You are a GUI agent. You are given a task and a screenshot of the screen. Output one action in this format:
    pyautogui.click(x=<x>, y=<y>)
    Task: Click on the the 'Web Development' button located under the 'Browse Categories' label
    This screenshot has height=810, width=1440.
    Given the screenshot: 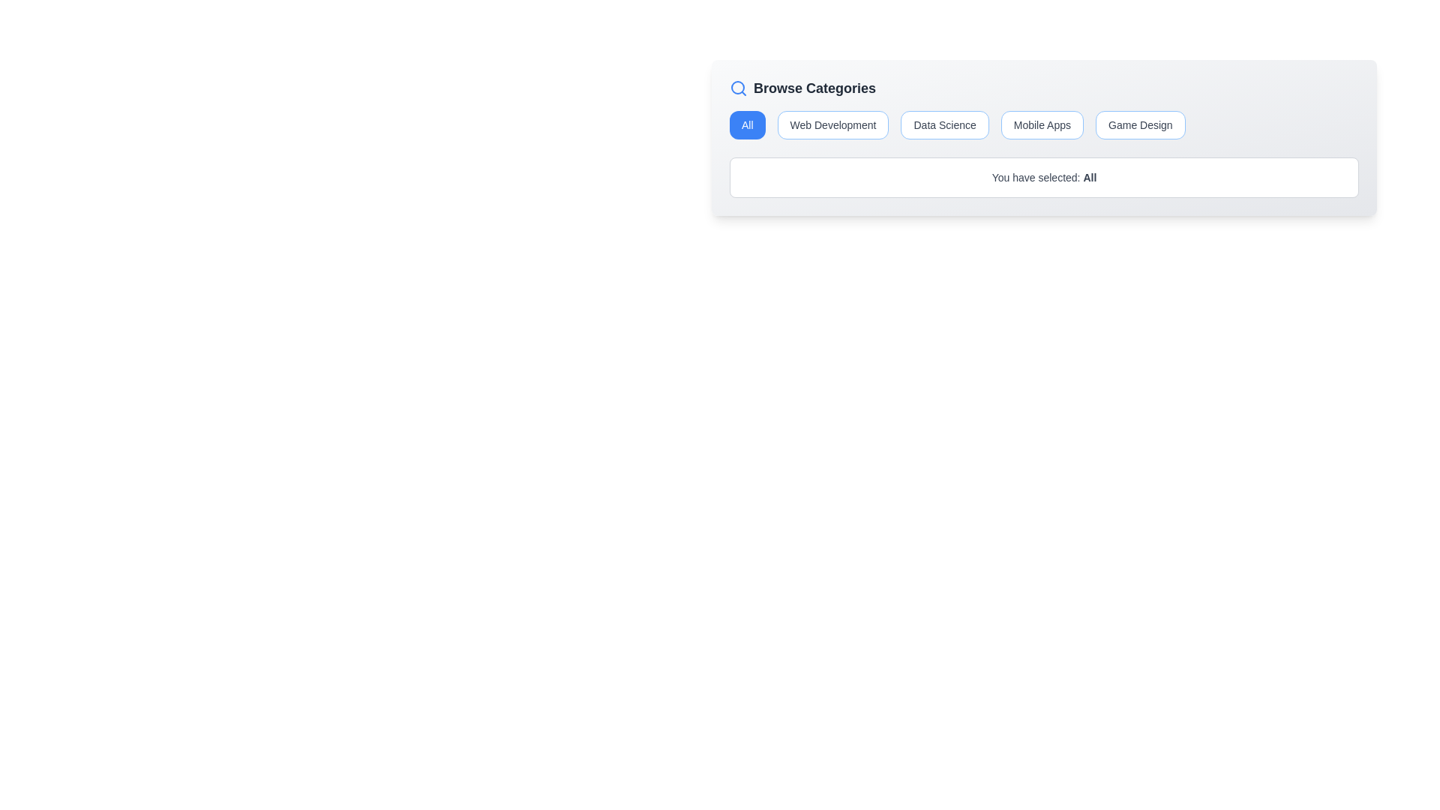 What is the action you would take?
    pyautogui.click(x=832, y=124)
    